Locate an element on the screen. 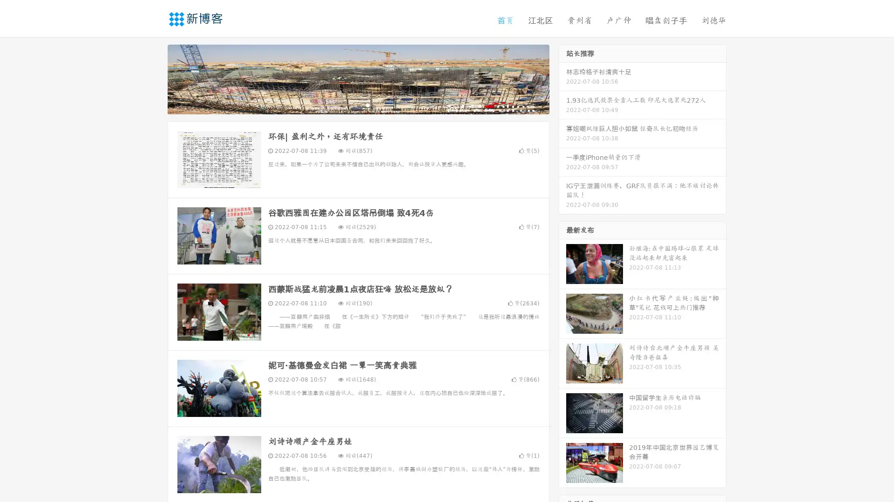 Image resolution: width=894 pixels, height=502 pixels. Previous slide is located at coordinates (154, 78).